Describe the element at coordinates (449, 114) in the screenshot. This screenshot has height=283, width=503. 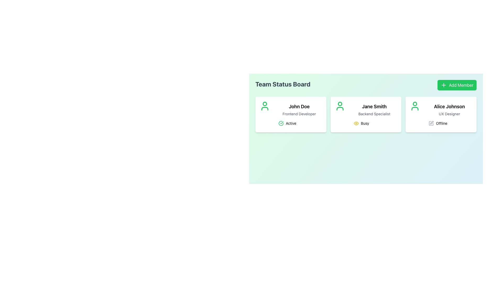
I see `the label containing the text 'UX Designer' that is styled with a small font size and gray color, located below the name 'Alice Johnson' and above the status 'Offline' within the user card` at that location.